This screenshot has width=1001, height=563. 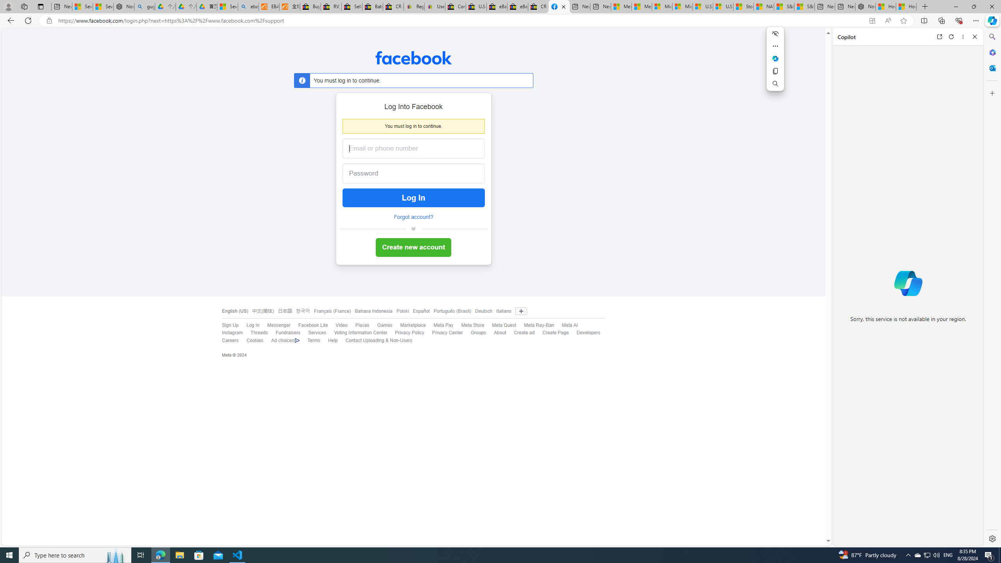 What do you see at coordinates (255, 333) in the screenshot?
I see `'Threads'` at bounding box center [255, 333].